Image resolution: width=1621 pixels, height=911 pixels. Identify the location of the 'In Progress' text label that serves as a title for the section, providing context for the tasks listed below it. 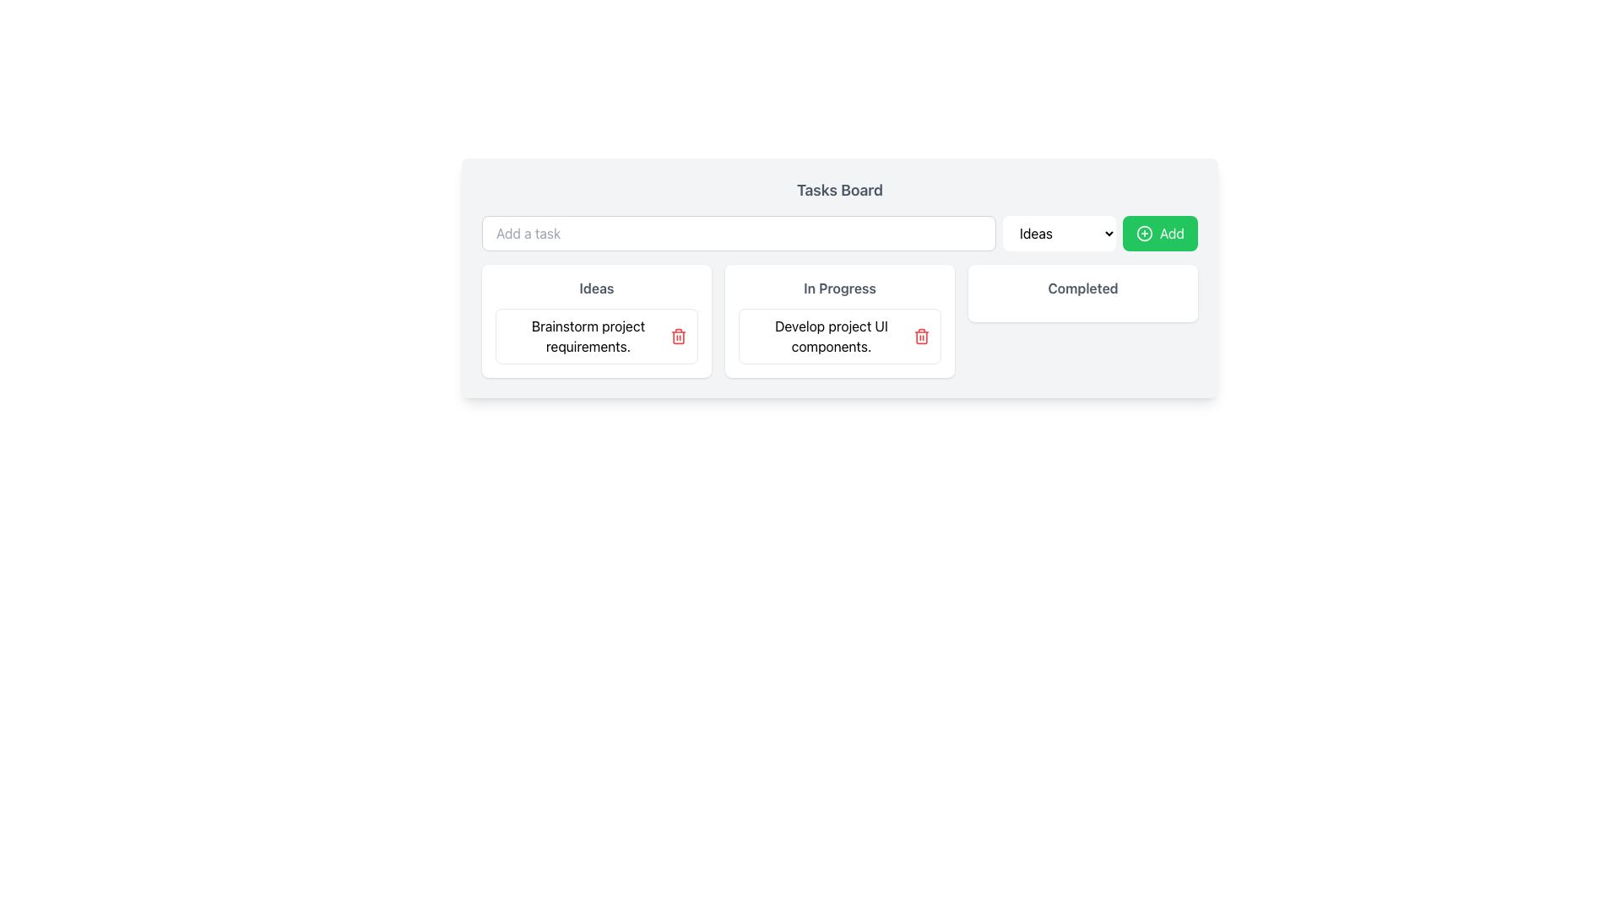
(839, 288).